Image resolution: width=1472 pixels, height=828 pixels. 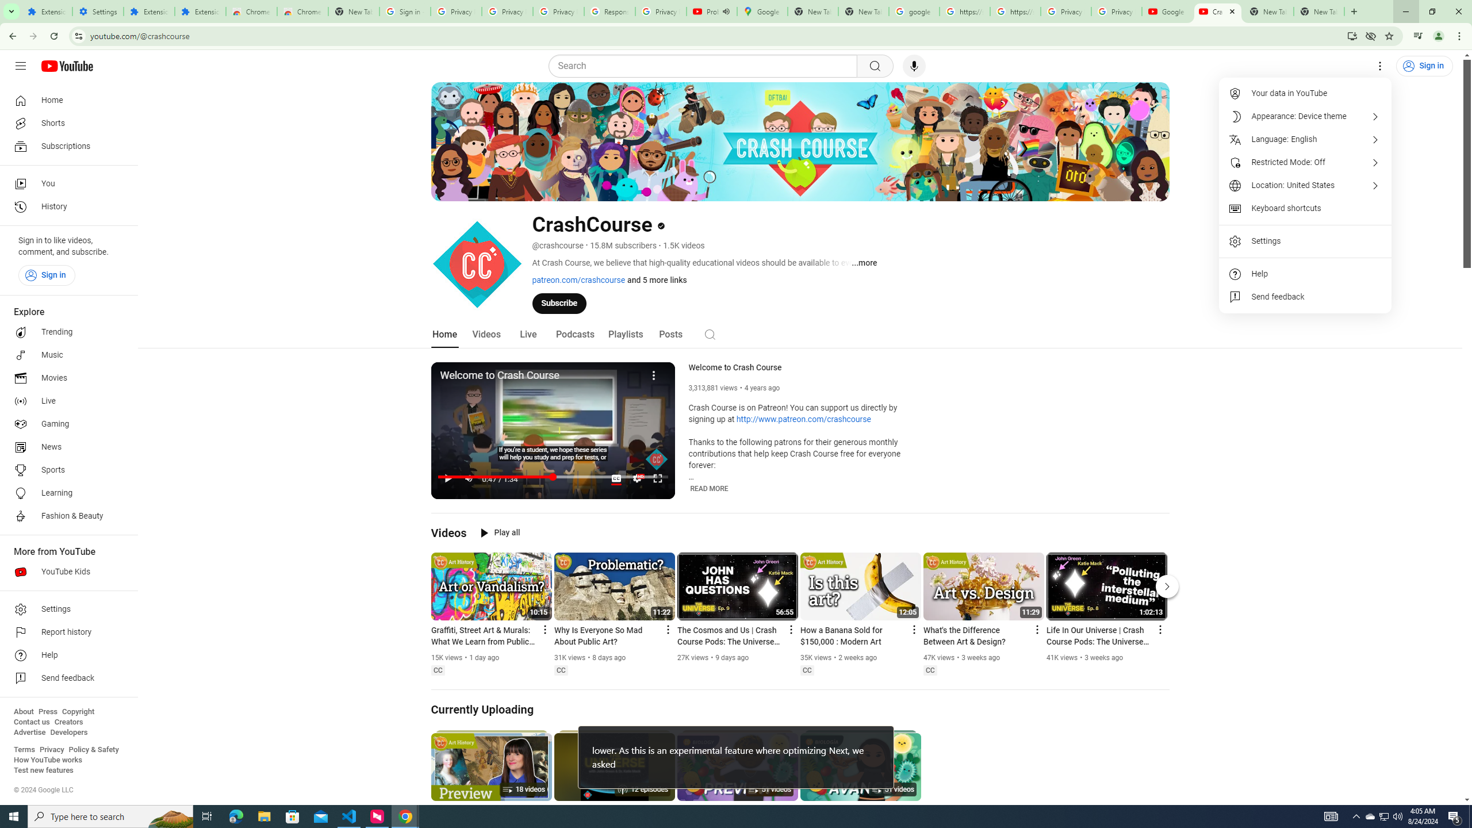 What do you see at coordinates (482, 709) in the screenshot?
I see `'Currently Uploading'` at bounding box center [482, 709].